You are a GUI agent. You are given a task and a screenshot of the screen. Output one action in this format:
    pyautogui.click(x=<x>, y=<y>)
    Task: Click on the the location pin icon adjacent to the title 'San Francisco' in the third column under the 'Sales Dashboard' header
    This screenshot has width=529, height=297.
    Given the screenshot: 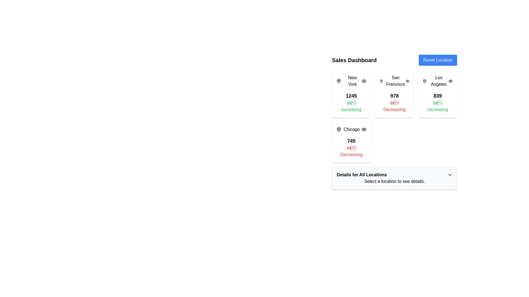 What is the action you would take?
    pyautogui.click(x=381, y=81)
    